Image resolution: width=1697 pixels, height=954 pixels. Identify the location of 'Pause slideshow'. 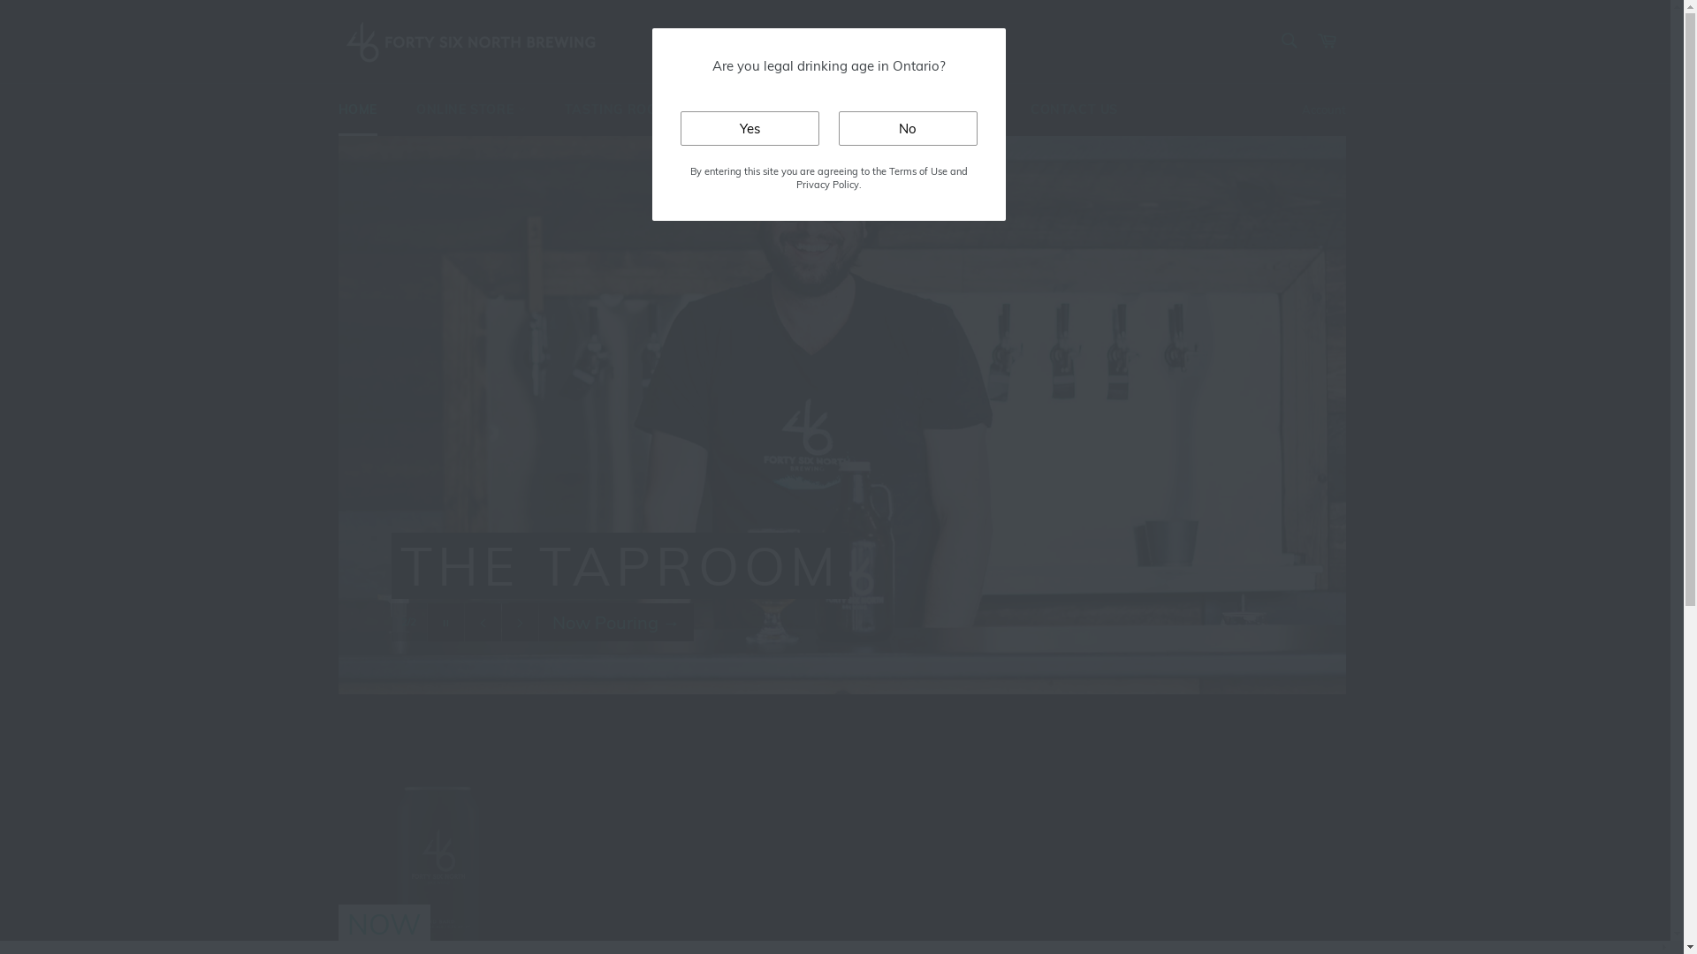
(445, 622).